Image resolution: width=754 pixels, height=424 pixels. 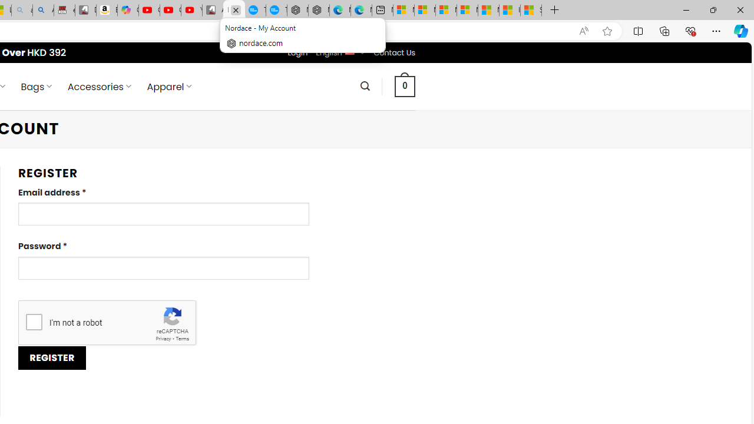 What do you see at coordinates (349, 50) in the screenshot?
I see `'English'` at bounding box center [349, 50].